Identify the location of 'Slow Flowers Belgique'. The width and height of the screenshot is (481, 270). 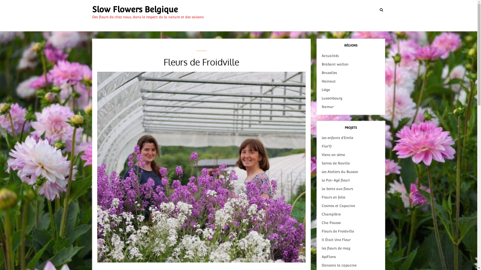
(135, 9).